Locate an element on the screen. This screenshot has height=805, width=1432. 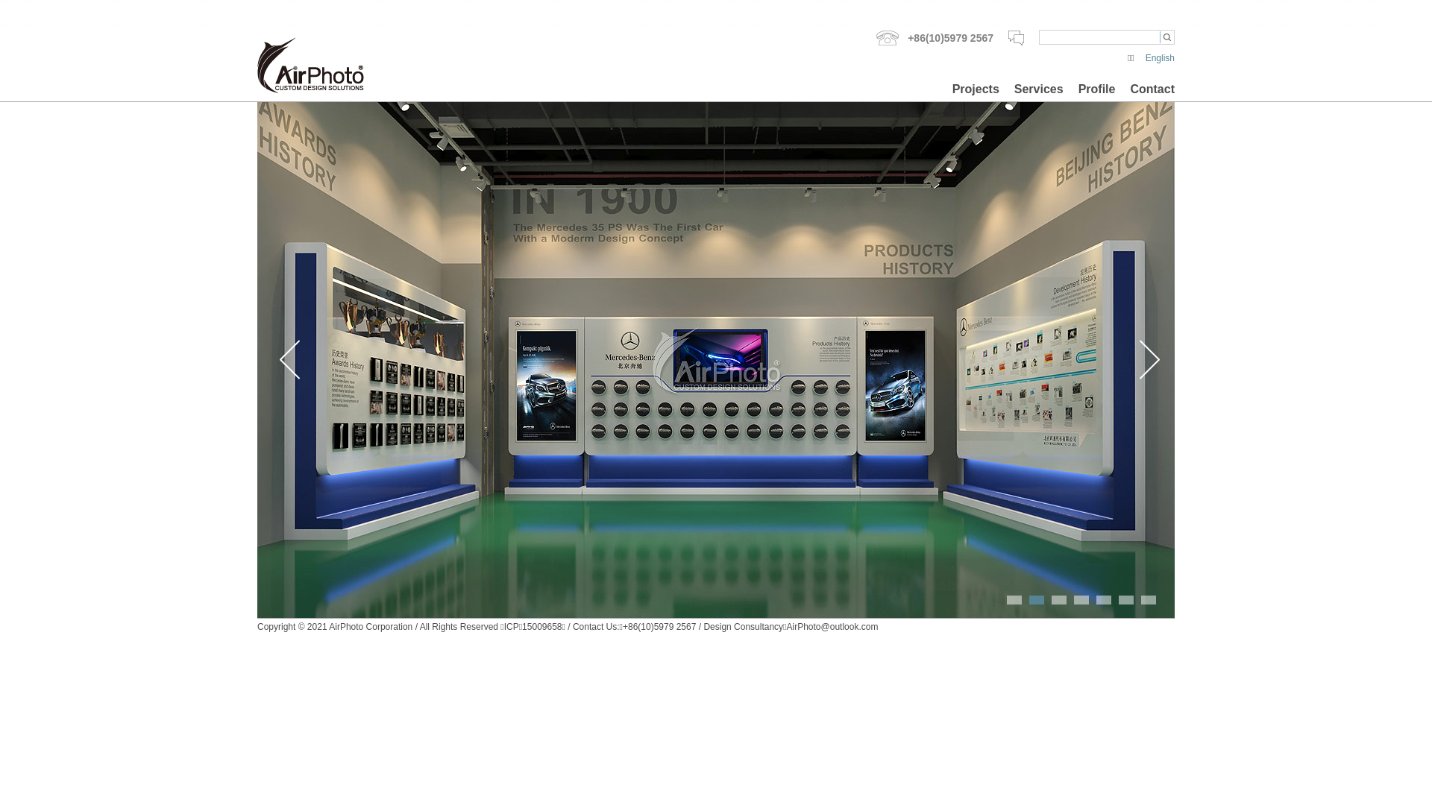
'English' is located at coordinates (1159, 57).